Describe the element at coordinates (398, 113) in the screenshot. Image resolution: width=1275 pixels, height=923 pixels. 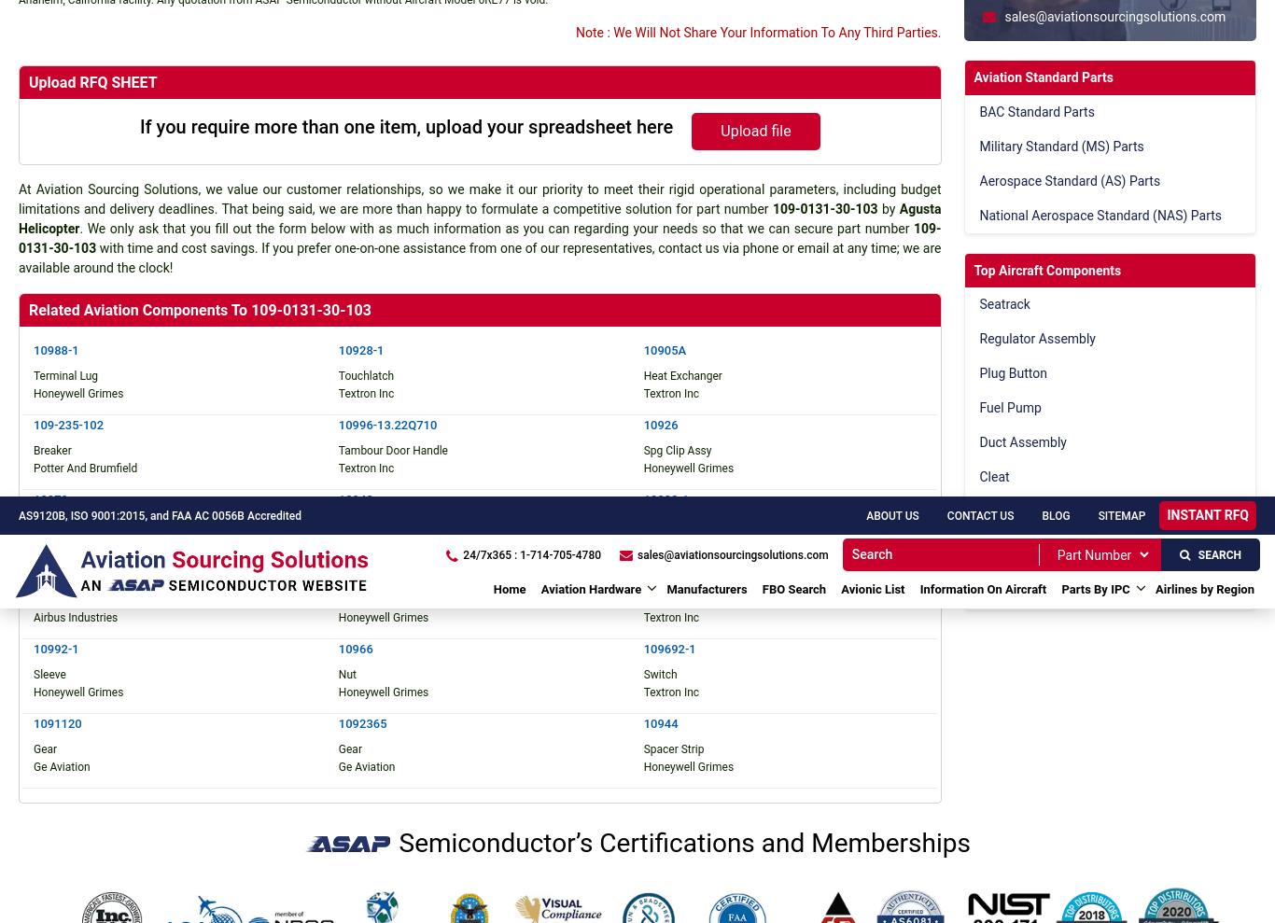
I see `'PMA Parts'` at that location.